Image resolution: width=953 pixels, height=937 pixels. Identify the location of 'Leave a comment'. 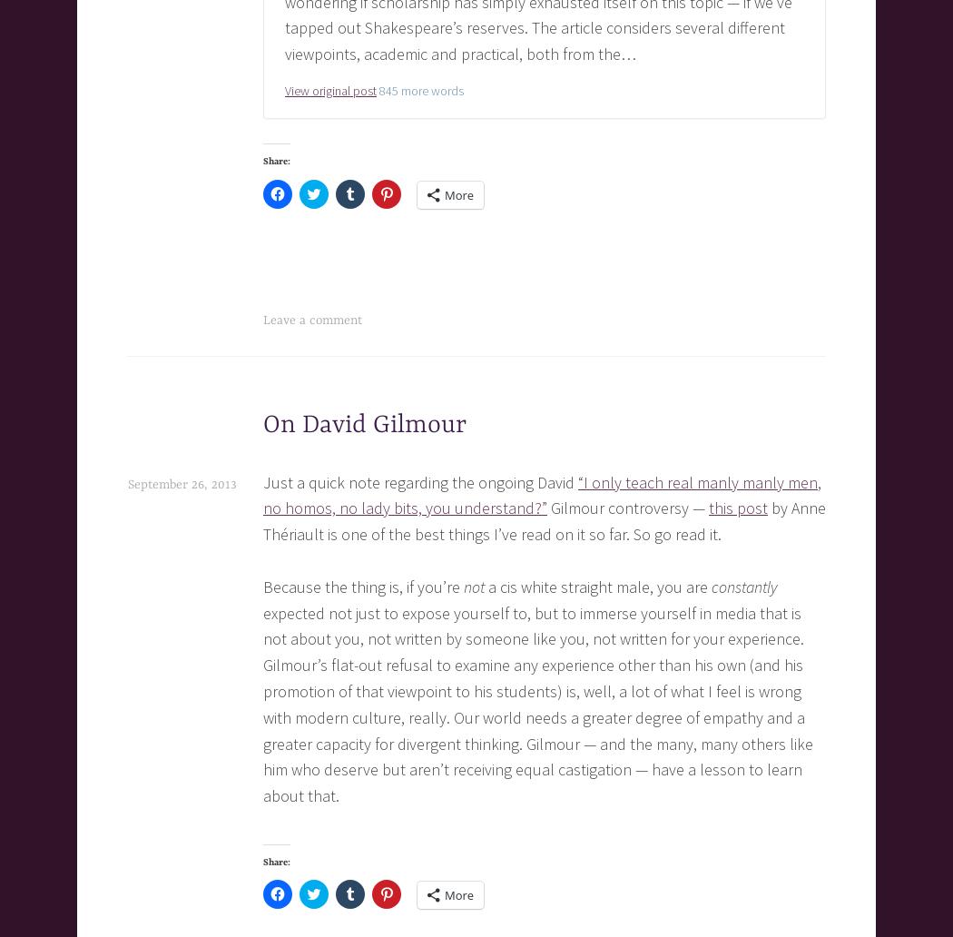
(311, 320).